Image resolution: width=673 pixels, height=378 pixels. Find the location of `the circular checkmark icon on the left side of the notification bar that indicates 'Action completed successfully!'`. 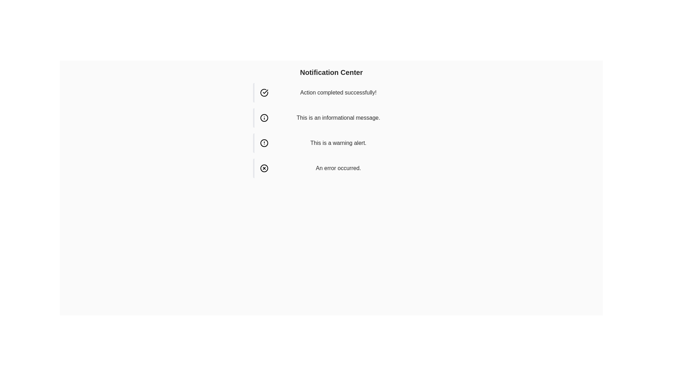

the circular checkmark icon on the left side of the notification bar that indicates 'Action completed successfully!' is located at coordinates (264, 92).